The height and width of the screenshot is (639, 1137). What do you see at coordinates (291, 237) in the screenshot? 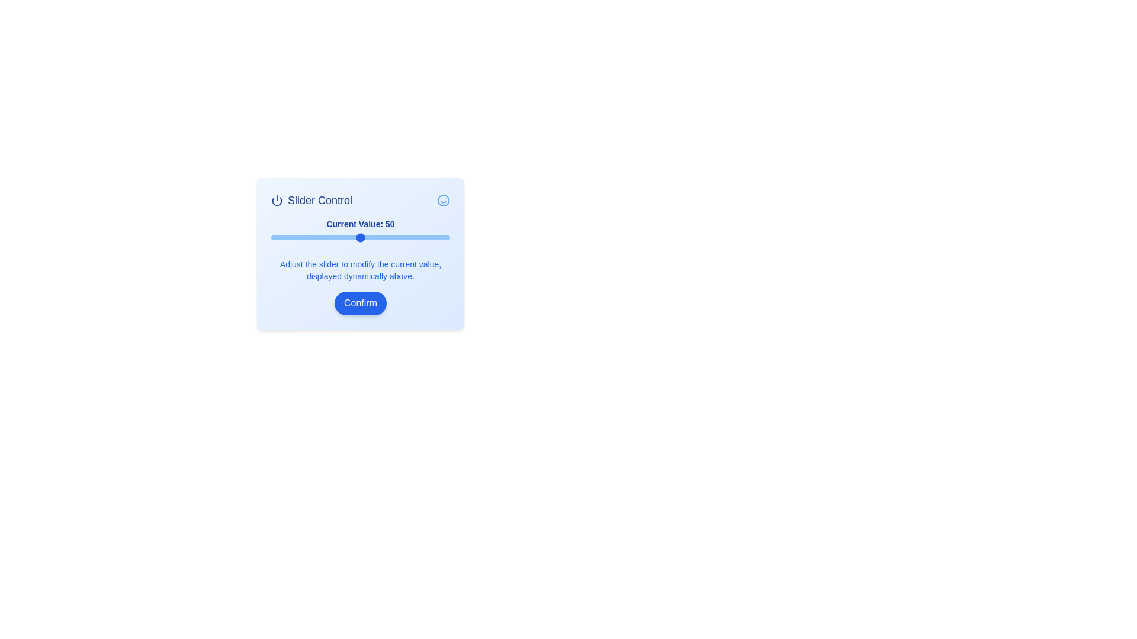
I see `the slider value` at bounding box center [291, 237].